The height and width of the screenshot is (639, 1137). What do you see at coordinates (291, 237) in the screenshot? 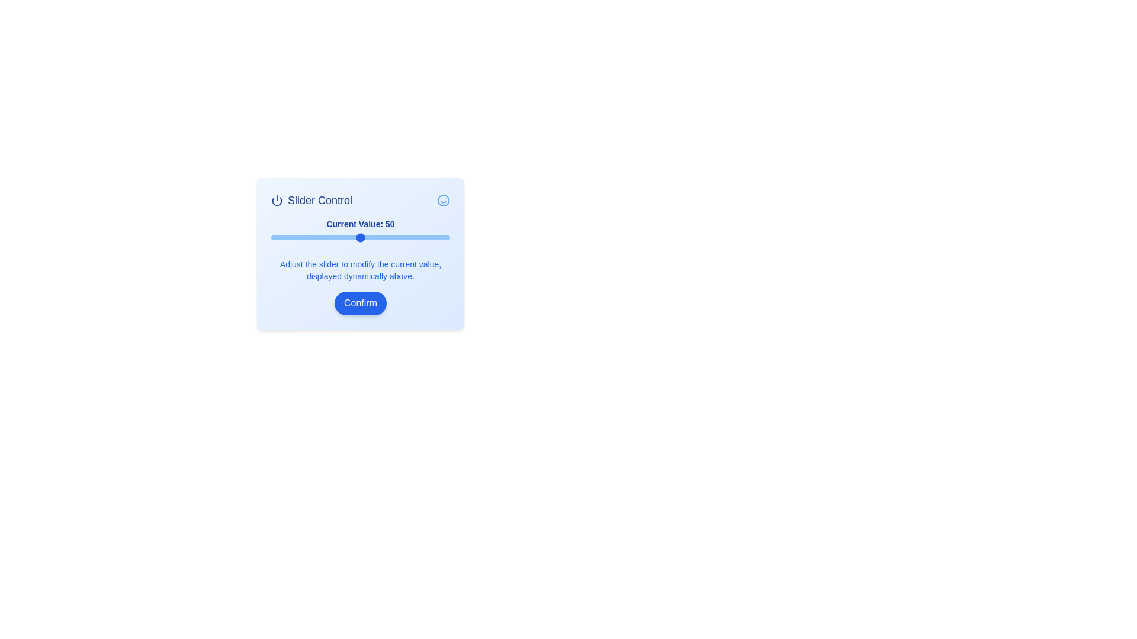
I see `the slider value` at bounding box center [291, 237].